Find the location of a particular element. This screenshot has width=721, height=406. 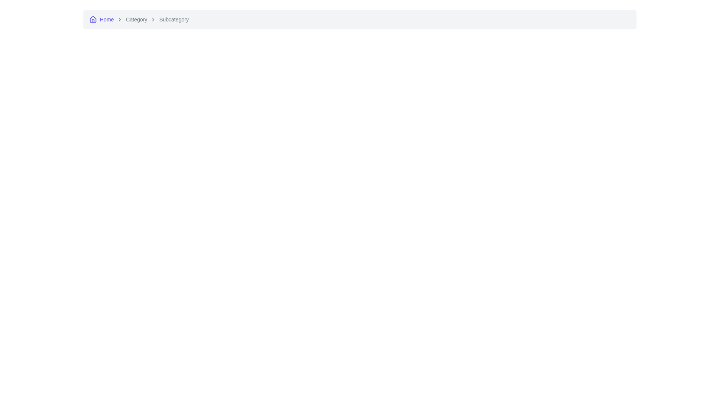

the 'Subcategory' text label styled in gray color located in the breadcrumb navigation interface, positioned at the far right following 'Category' is located at coordinates (173, 19).